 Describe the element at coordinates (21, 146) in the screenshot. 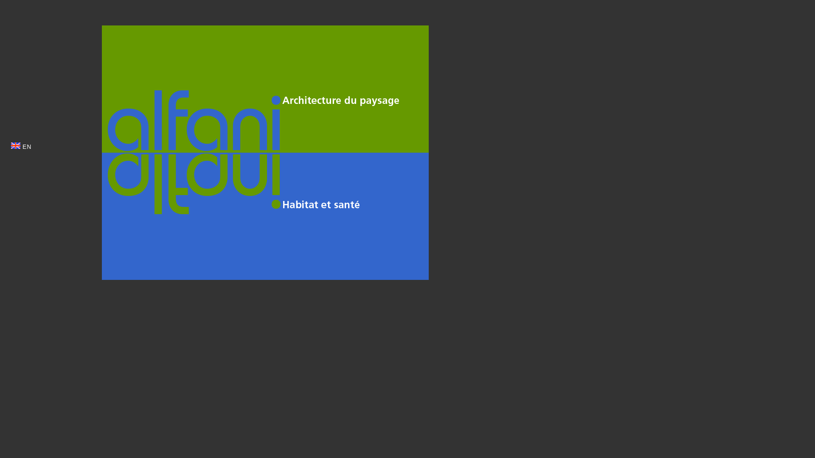

I see `'EN'` at that location.